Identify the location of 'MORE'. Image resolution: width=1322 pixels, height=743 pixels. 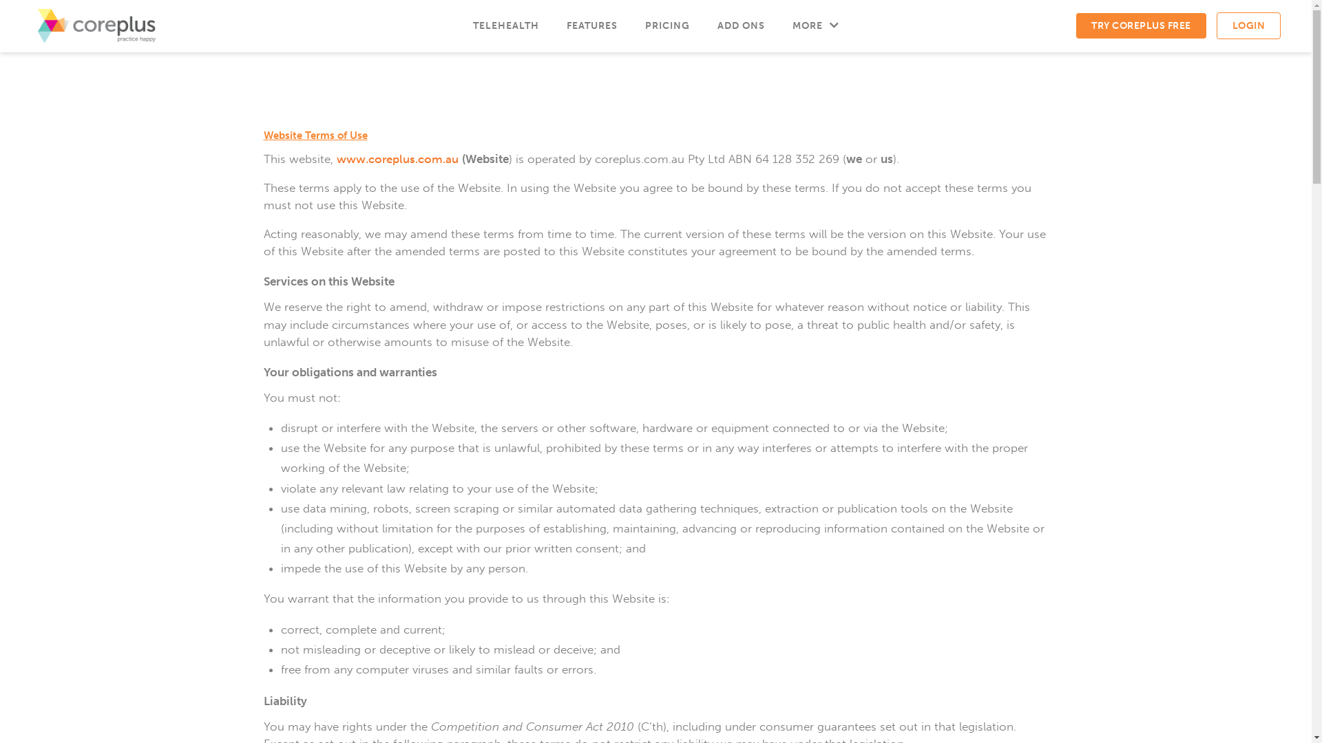
(815, 25).